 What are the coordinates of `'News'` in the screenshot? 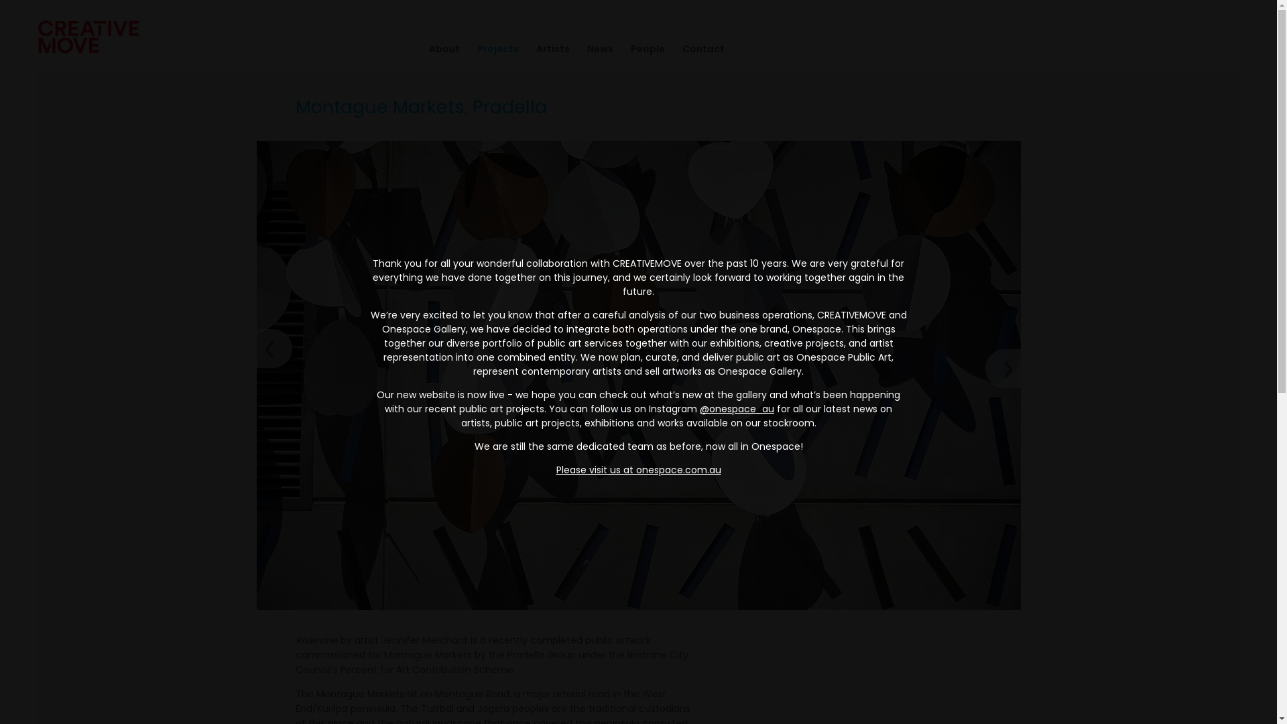 It's located at (591, 48).